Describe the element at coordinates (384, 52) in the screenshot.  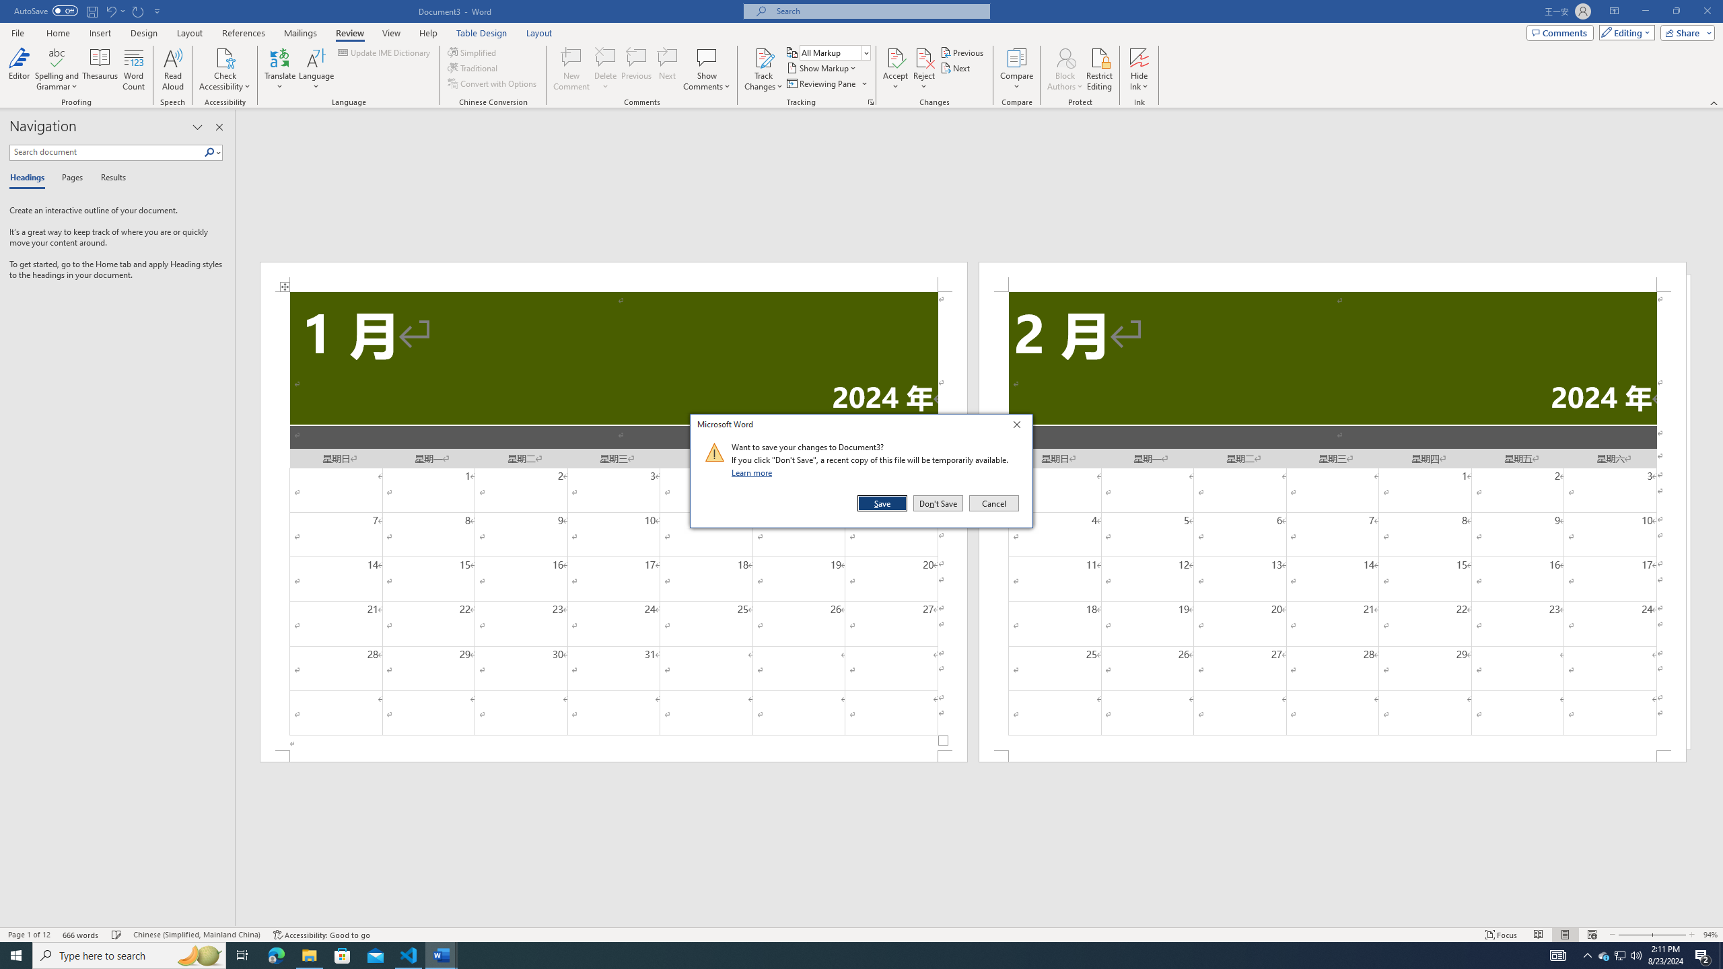
I see `'Update IME Dictionary...'` at that location.